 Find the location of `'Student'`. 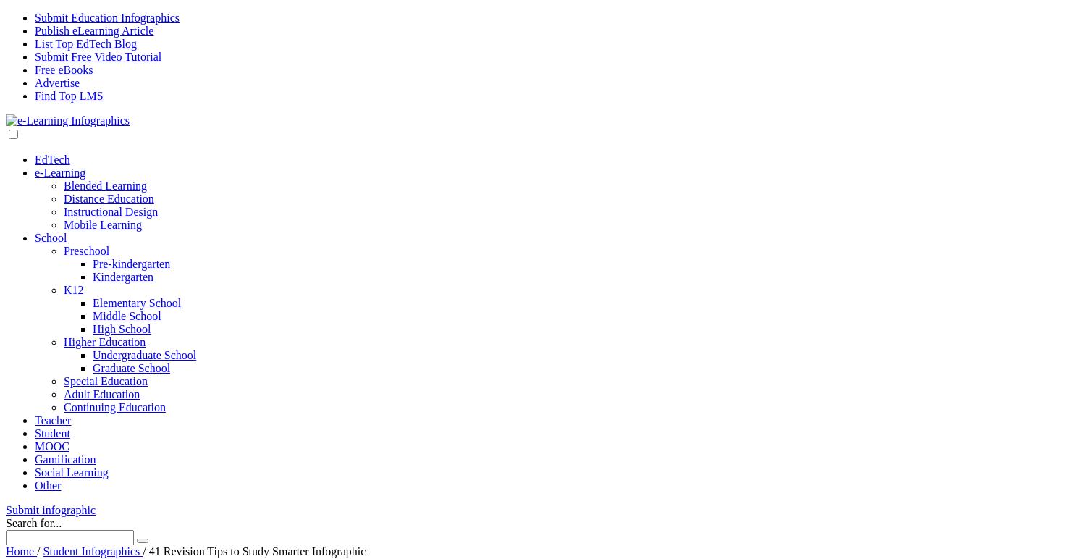

'Student' is located at coordinates (34, 433).